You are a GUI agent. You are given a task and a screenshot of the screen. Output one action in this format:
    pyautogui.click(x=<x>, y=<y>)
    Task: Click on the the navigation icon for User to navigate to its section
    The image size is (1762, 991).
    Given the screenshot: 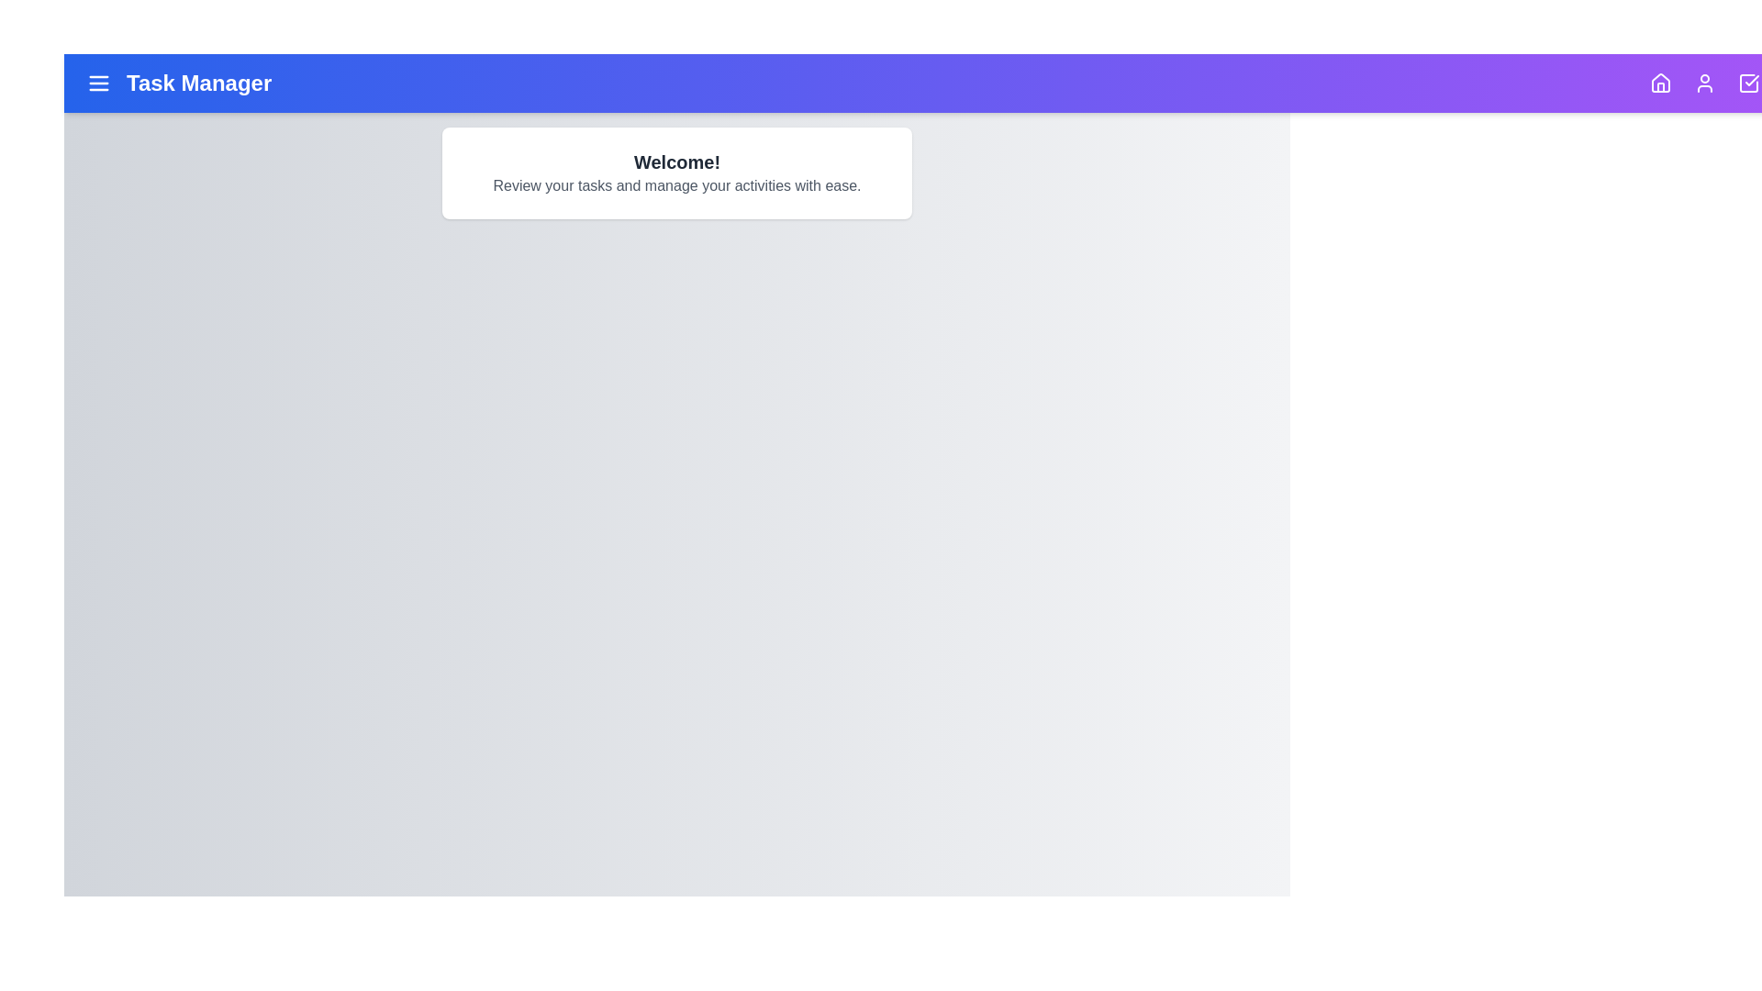 What is the action you would take?
    pyautogui.click(x=1703, y=84)
    